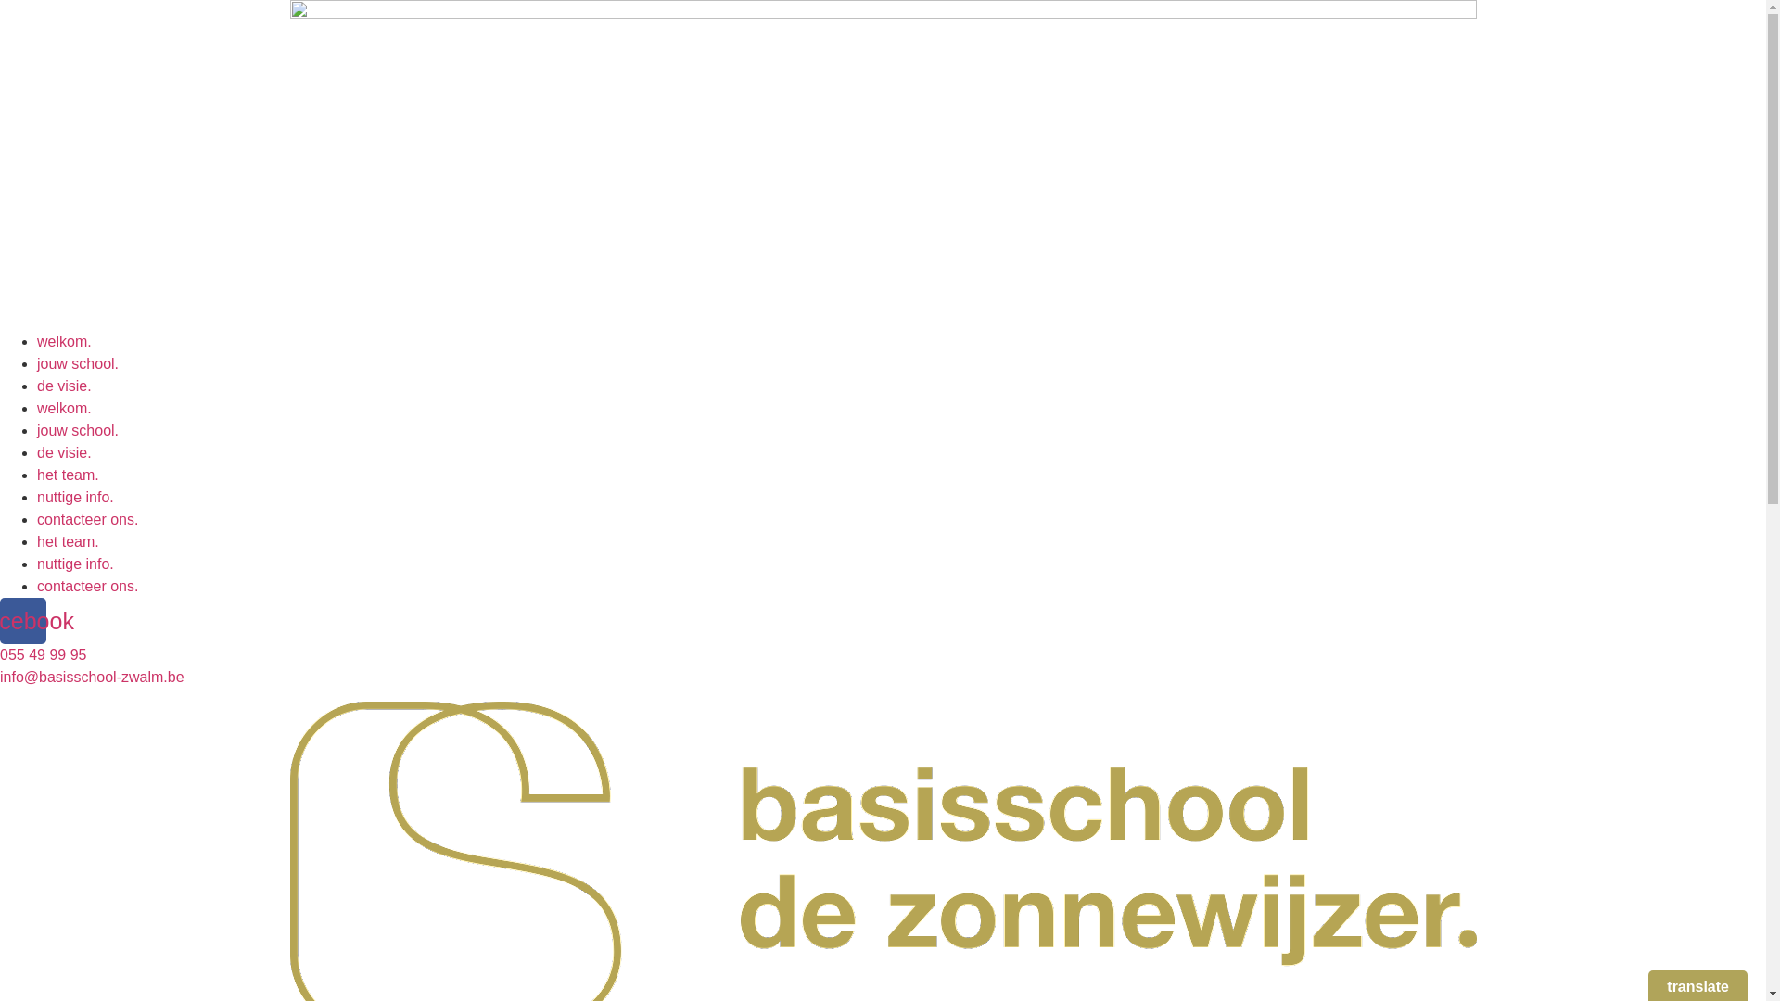  What do you see at coordinates (86, 519) in the screenshot?
I see `'contacteer ons.'` at bounding box center [86, 519].